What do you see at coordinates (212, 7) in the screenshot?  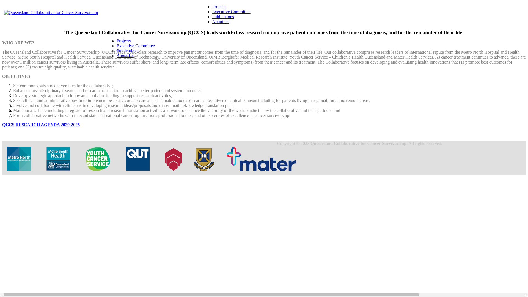 I see `'Projects'` at bounding box center [212, 7].